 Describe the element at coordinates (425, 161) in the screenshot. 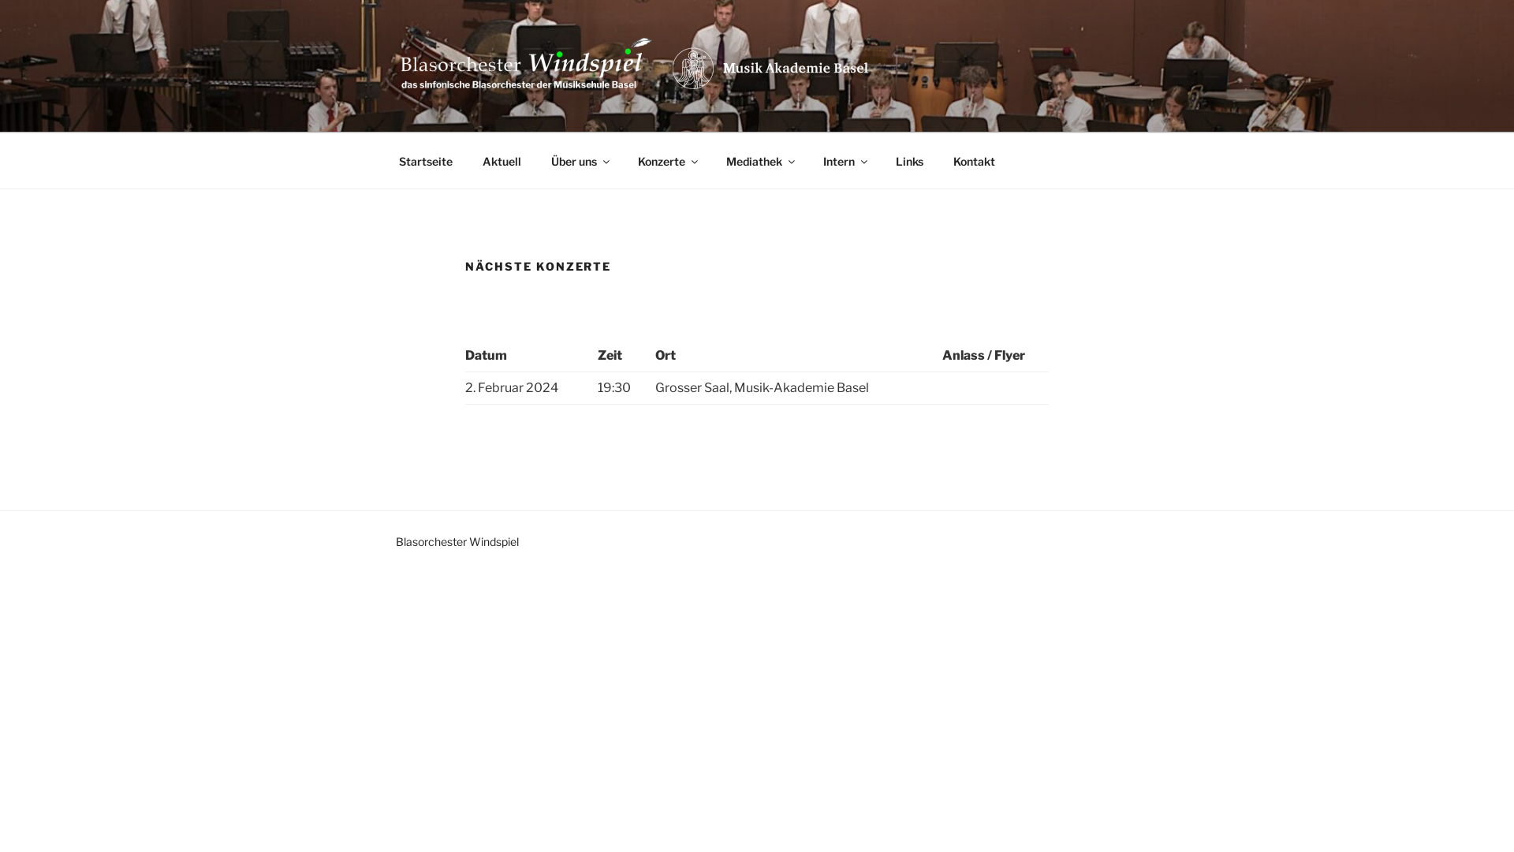

I see `'Startseite'` at that location.